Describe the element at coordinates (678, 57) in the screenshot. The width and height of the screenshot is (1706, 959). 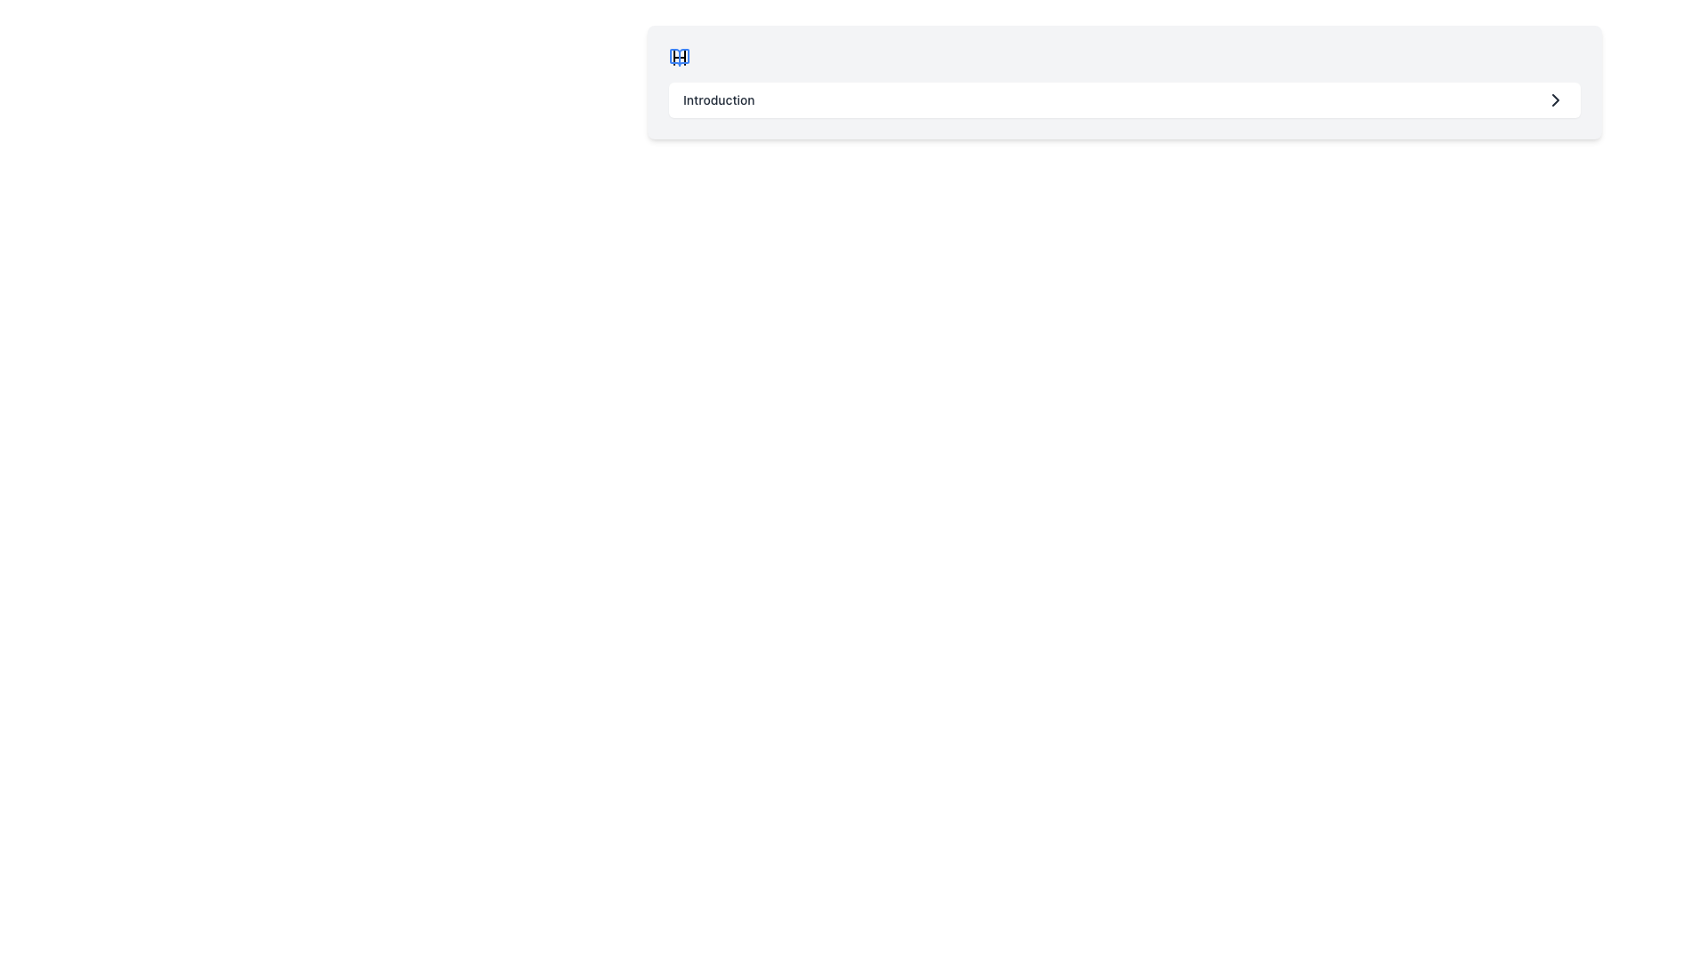
I see `the icon resembling a heading or text indicator located at the top-left of the box containing the title 'Introduction'` at that location.